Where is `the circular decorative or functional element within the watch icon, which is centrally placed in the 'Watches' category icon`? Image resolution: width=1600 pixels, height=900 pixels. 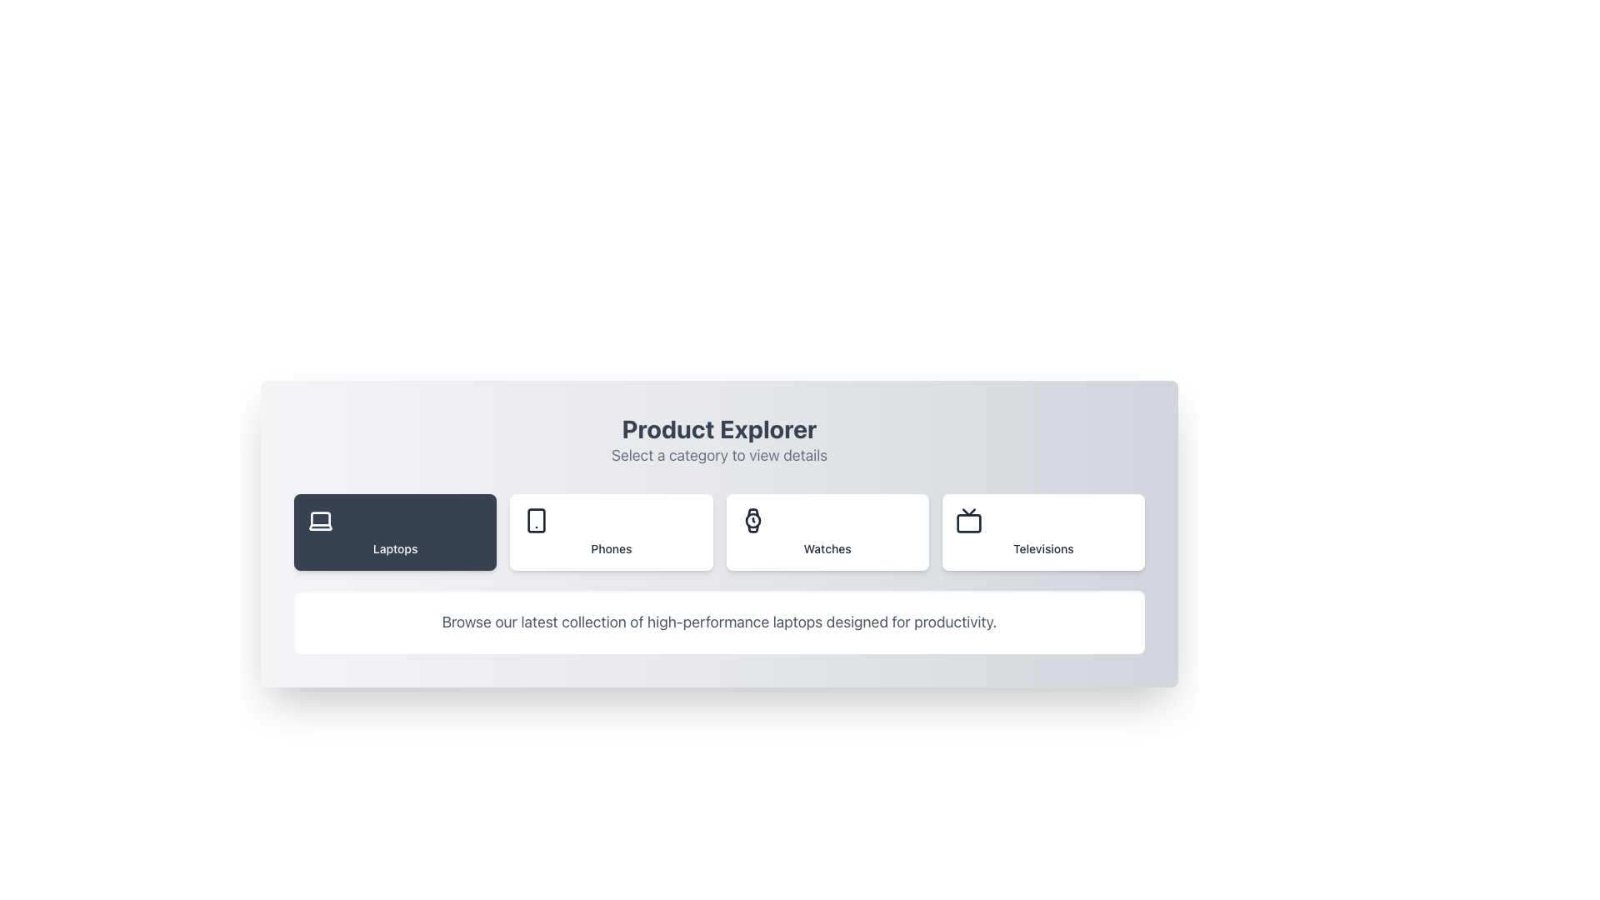 the circular decorative or functional element within the watch icon, which is centrally placed in the 'Watches' category icon is located at coordinates (752, 519).